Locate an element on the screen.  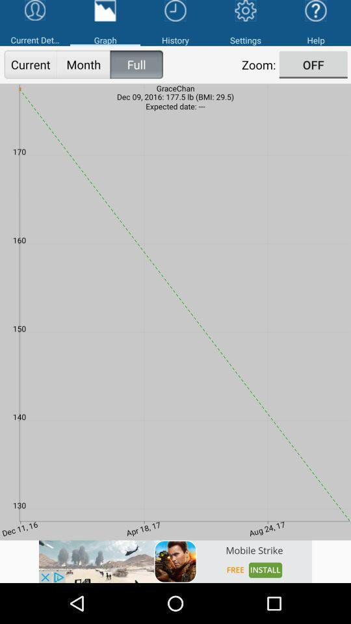
advertisement is located at coordinates (175, 561).